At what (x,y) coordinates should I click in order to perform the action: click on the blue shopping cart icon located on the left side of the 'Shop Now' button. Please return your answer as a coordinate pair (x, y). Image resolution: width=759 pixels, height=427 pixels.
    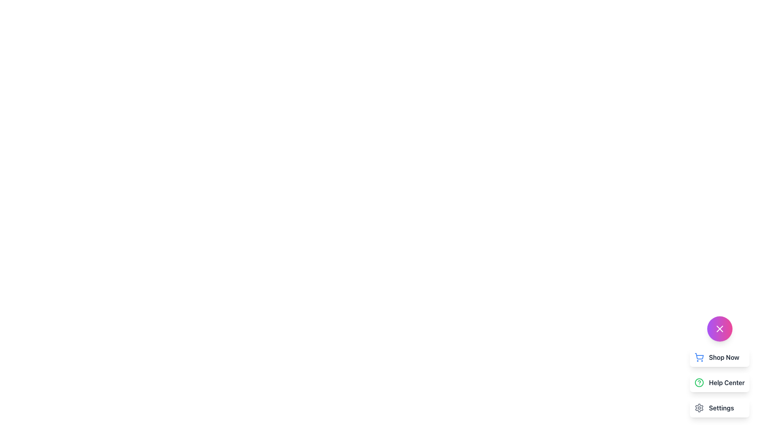
    Looking at the image, I should click on (699, 357).